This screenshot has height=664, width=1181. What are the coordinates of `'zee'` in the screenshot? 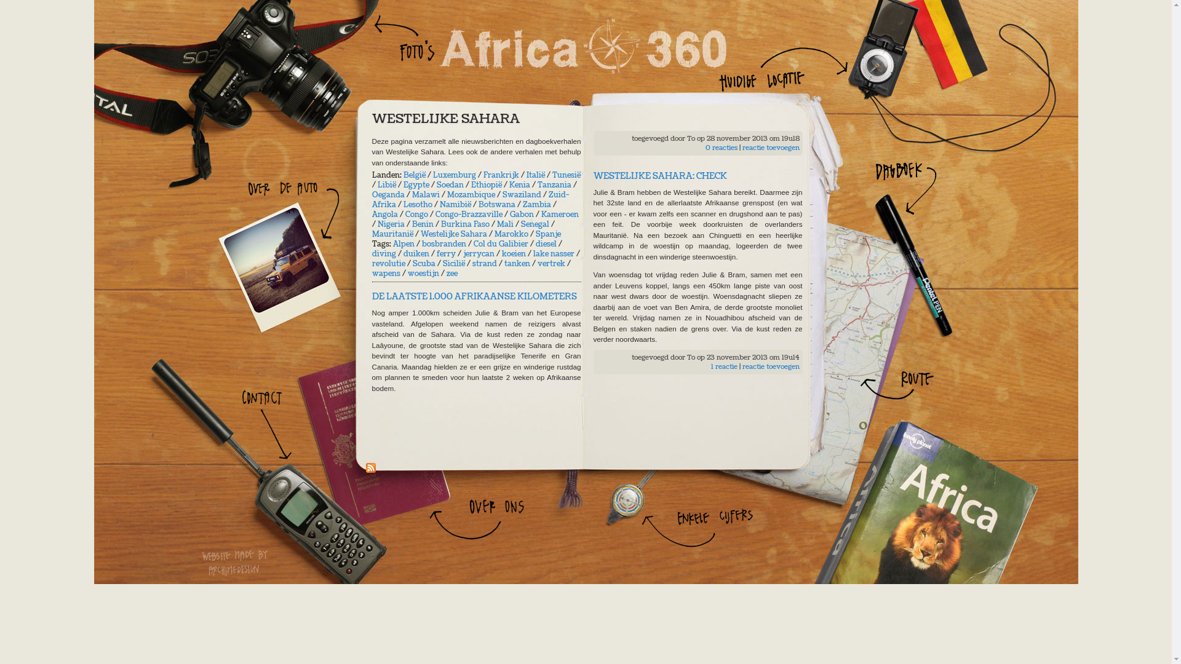 It's located at (451, 272).